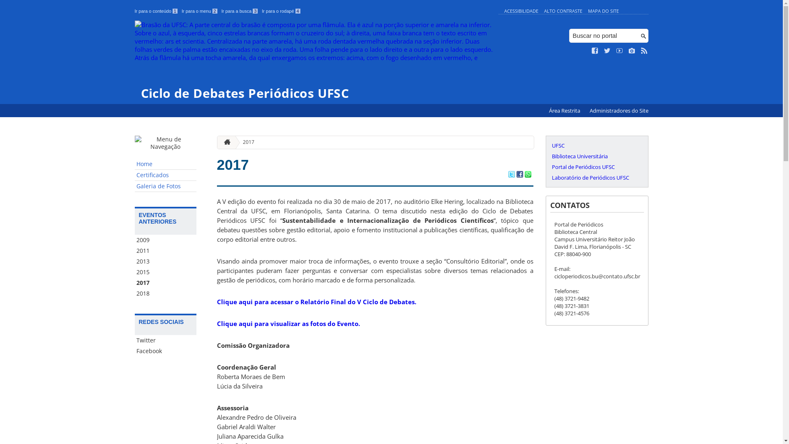 This screenshot has width=789, height=444. Describe the element at coordinates (607, 51) in the screenshot. I see `'Siga no Twitter'` at that location.